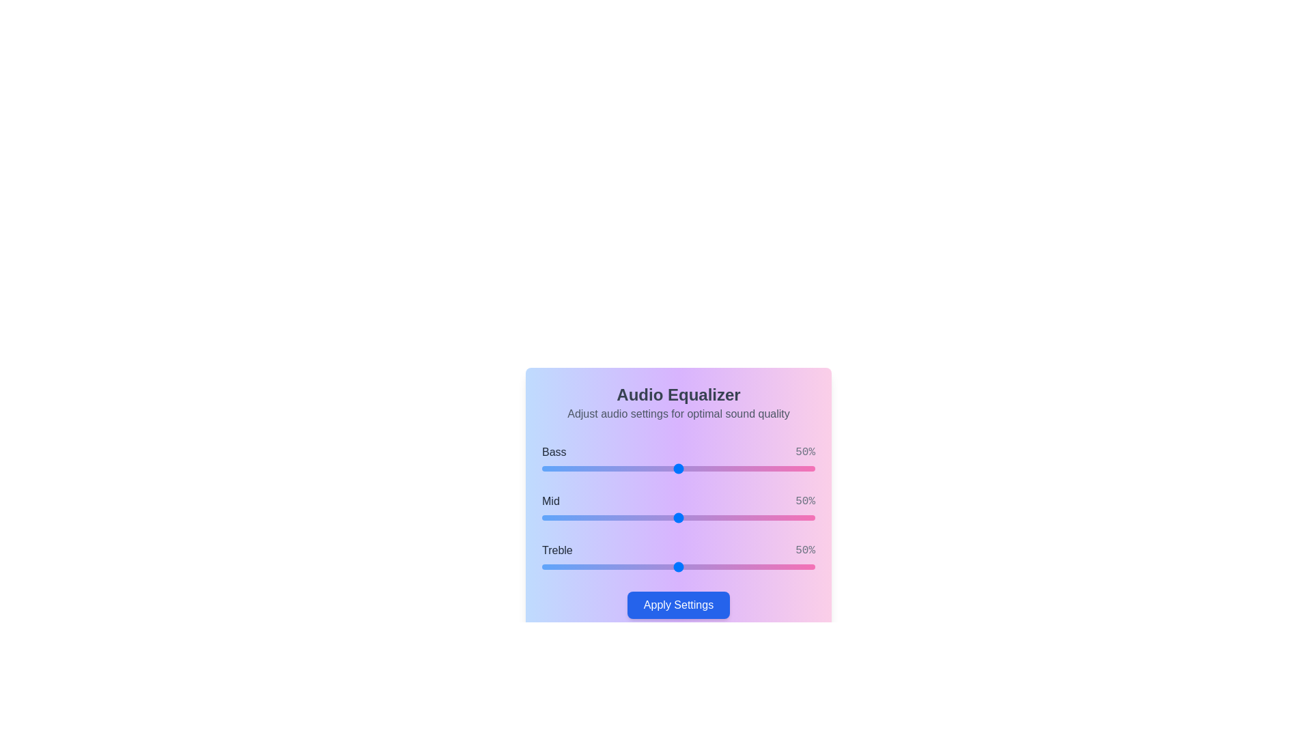 This screenshot has height=737, width=1311. Describe the element at coordinates (544, 467) in the screenshot. I see `the 0 slider to 1%` at that location.